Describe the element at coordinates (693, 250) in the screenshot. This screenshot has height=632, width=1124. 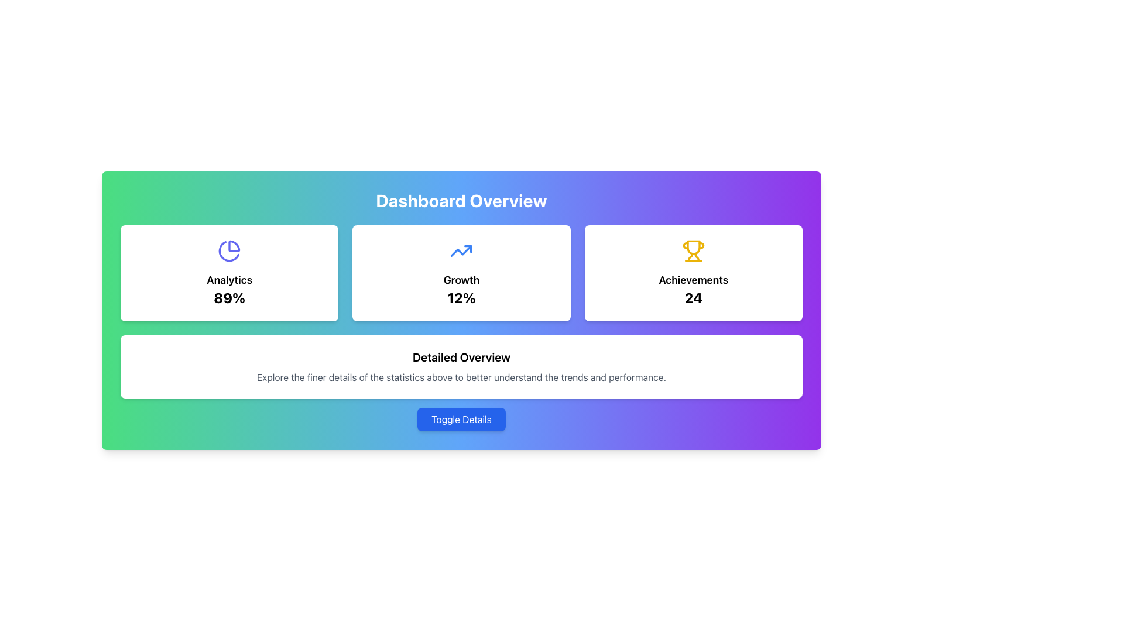
I see `the decorative achievement icon located at the top center of the card, which visually represents achievements and is situated above the text 'Achievements' and '24'` at that location.